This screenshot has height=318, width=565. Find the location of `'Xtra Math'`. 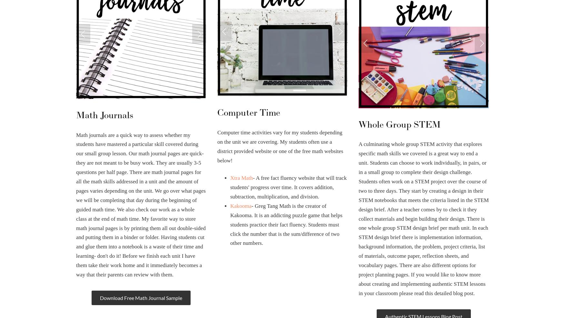

'Xtra Math' is located at coordinates (230, 178).